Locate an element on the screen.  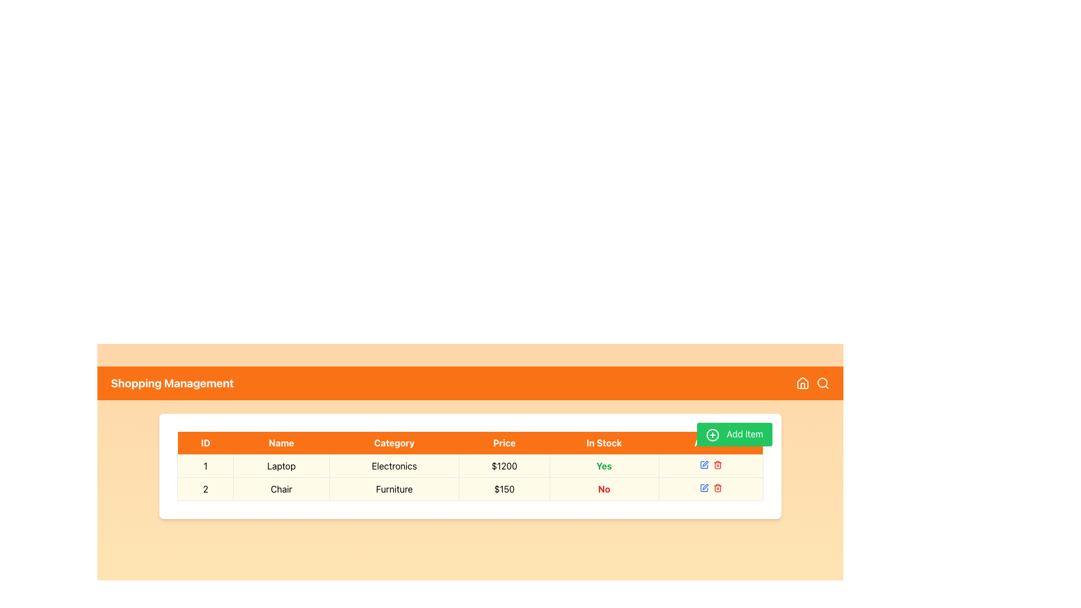
the icon associated with the 'Add Item' button located at the top right of the table is located at coordinates (712, 434).